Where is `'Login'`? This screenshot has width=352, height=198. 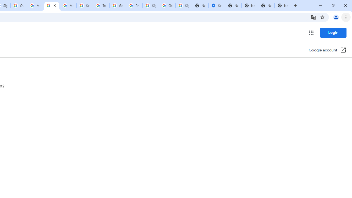
'Login' is located at coordinates (333, 32).